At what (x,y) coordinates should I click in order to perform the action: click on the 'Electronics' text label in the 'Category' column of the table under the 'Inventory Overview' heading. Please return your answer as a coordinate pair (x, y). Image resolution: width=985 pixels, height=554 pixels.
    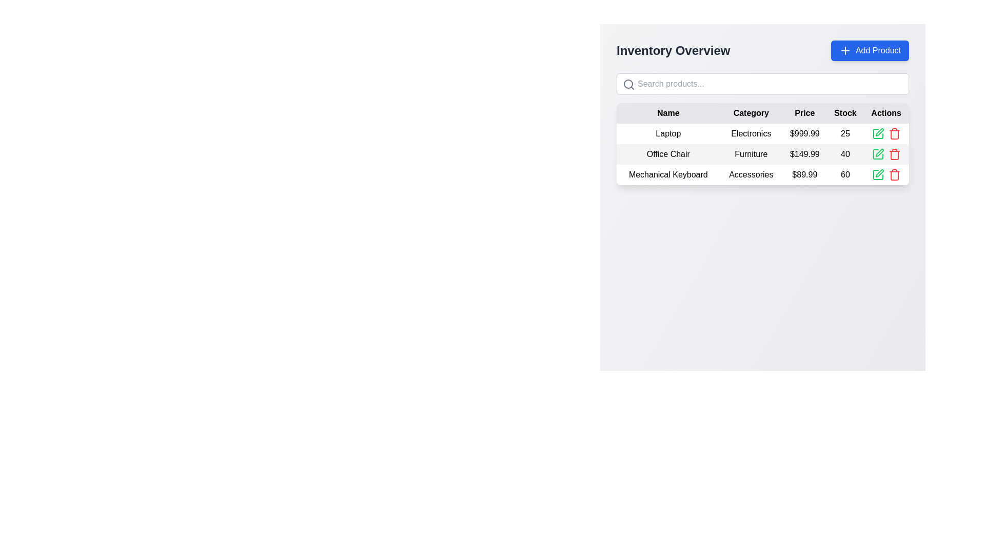
    Looking at the image, I should click on (751, 133).